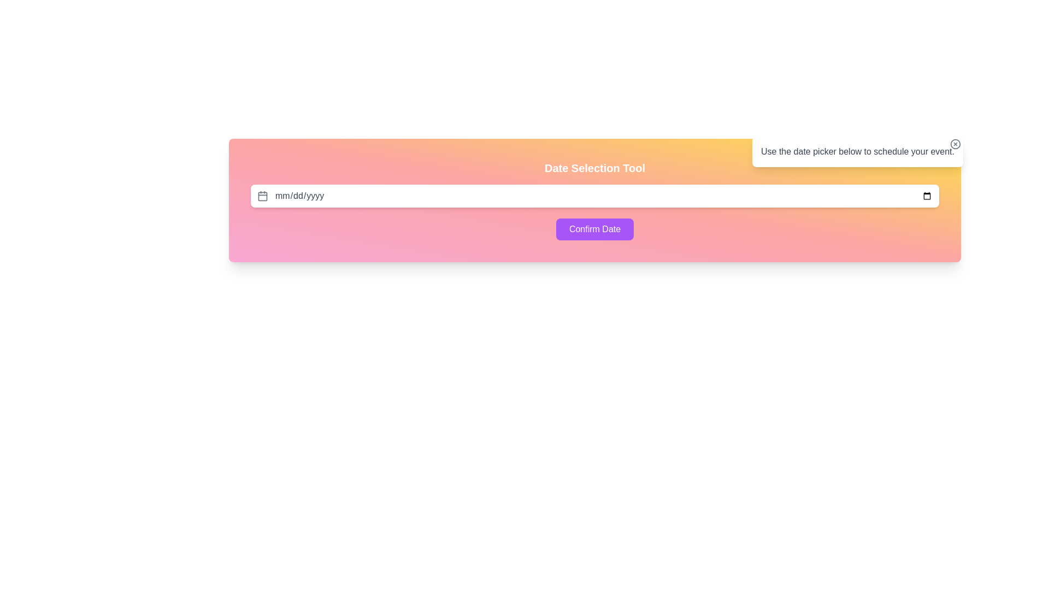 The width and height of the screenshot is (1049, 590). What do you see at coordinates (262, 195) in the screenshot?
I see `the calendar icon element located to the left of the date input field by clicking on its center` at bounding box center [262, 195].